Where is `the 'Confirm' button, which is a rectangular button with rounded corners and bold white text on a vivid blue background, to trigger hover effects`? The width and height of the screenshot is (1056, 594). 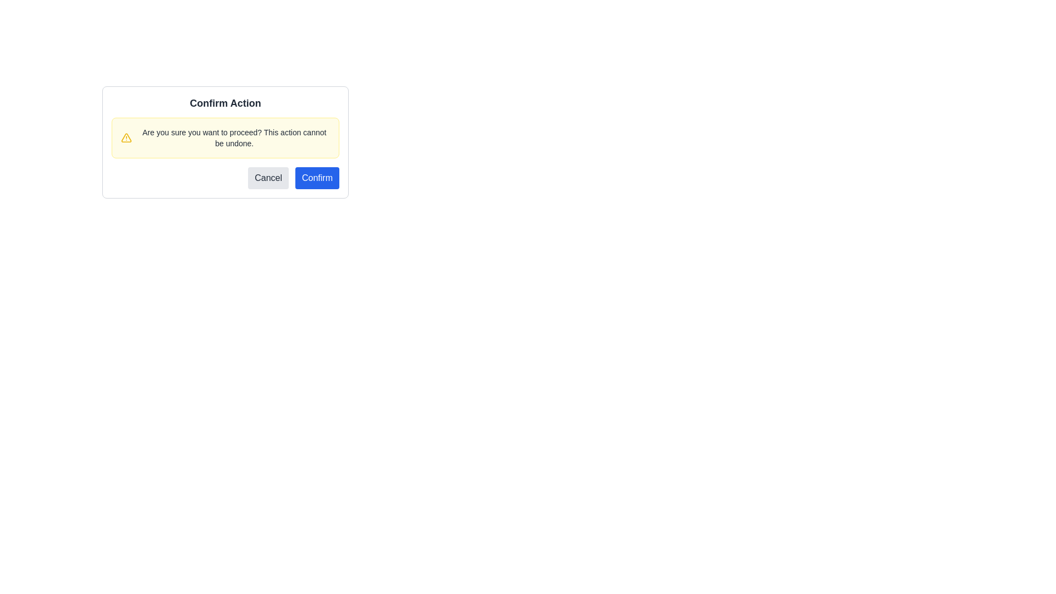 the 'Confirm' button, which is a rectangular button with rounded corners and bold white text on a vivid blue background, to trigger hover effects is located at coordinates (316, 178).